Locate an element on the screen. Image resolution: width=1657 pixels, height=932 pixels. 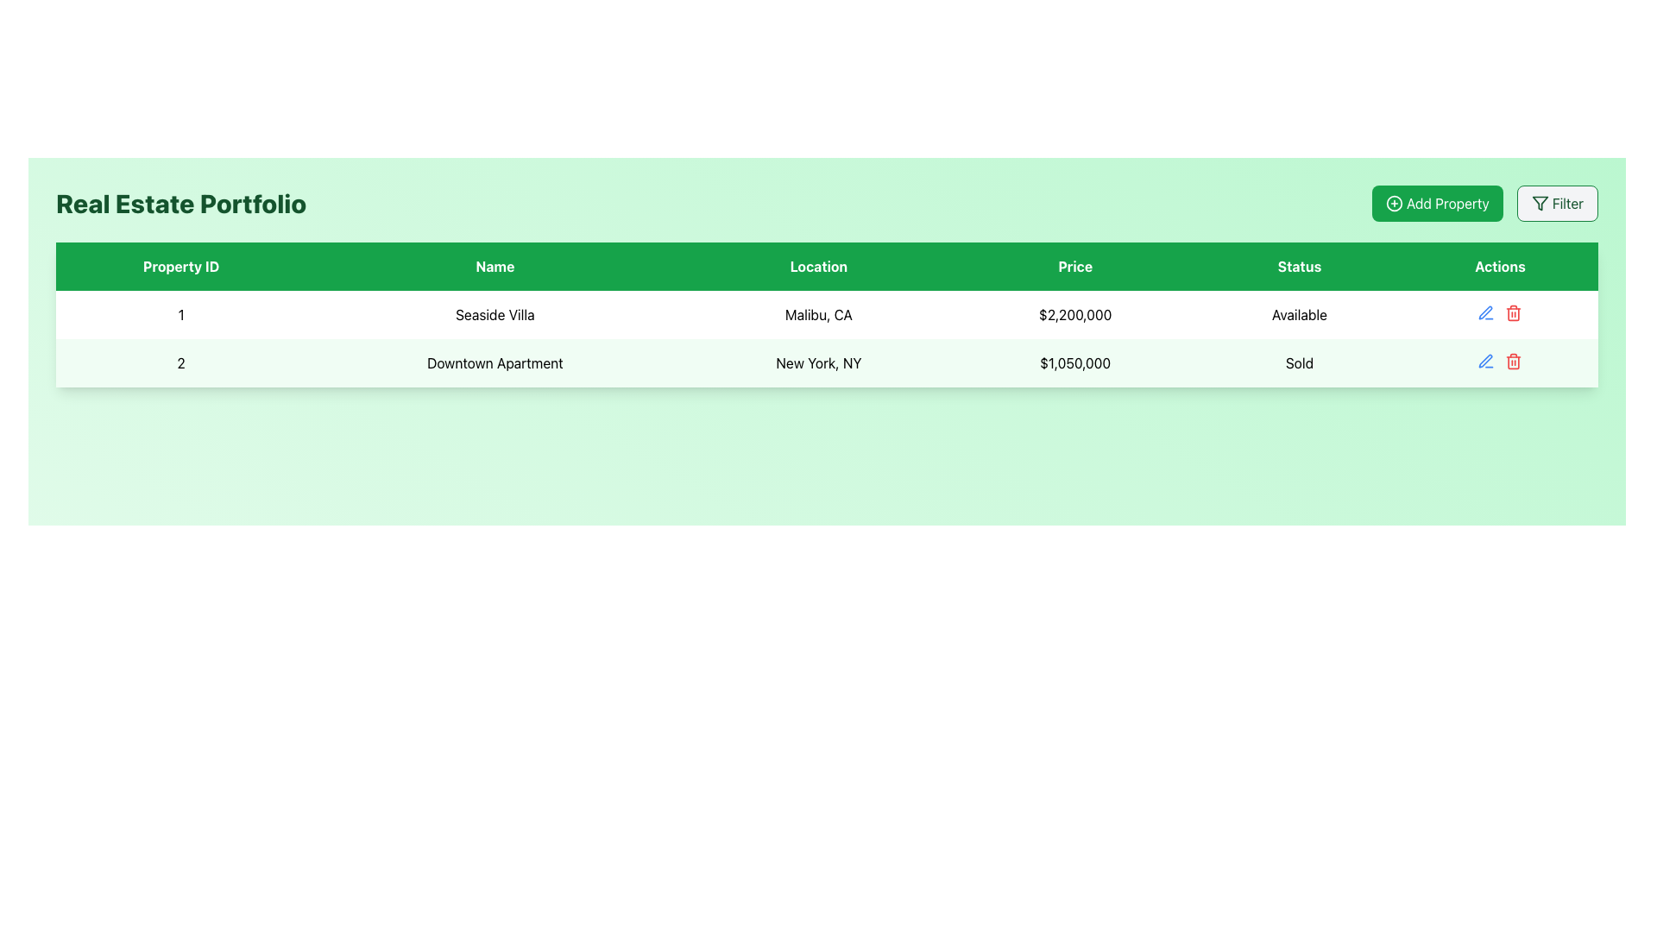
content displayed in the Text Label that identifies the first property in the table under the 'Property ID' header, located in the first row and first column of the table is located at coordinates (181, 315).